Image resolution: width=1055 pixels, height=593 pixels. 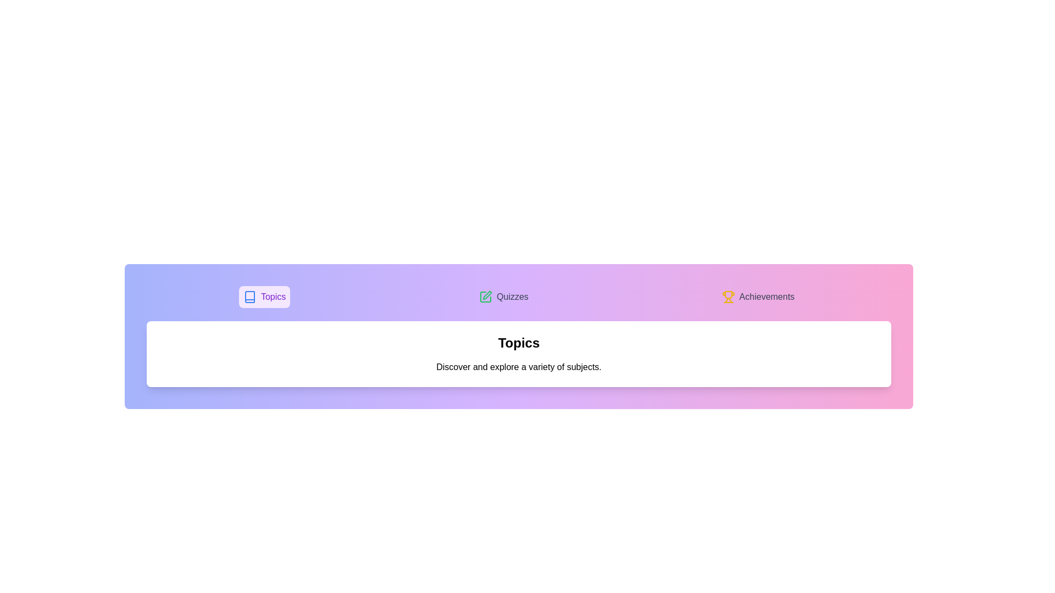 What do you see at coordinates (264, 296) in the screenshot?
I see `the tab labeled Topics to observe its hover effect` at bounding box center [264, 296].